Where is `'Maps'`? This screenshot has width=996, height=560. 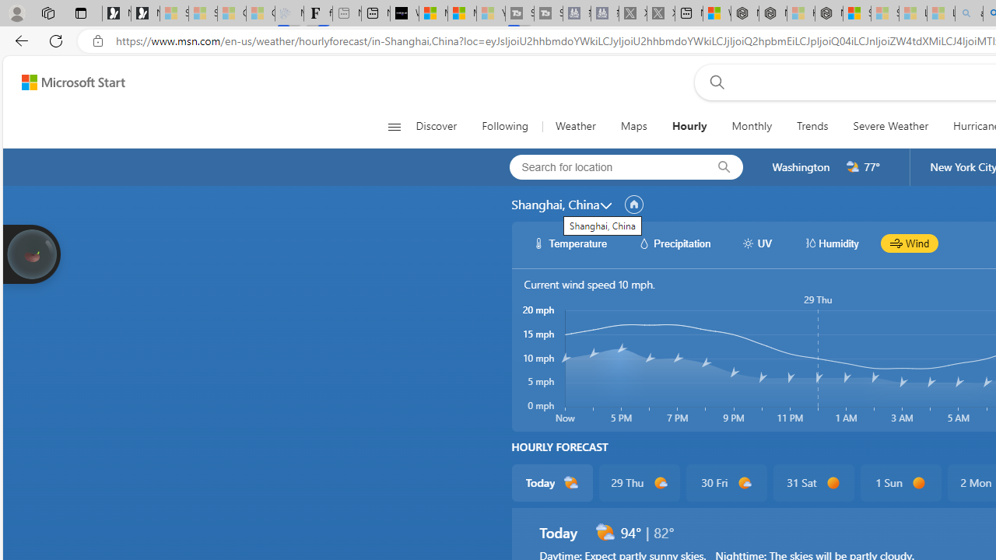 'Maps' is located at coordinates (633, 126).